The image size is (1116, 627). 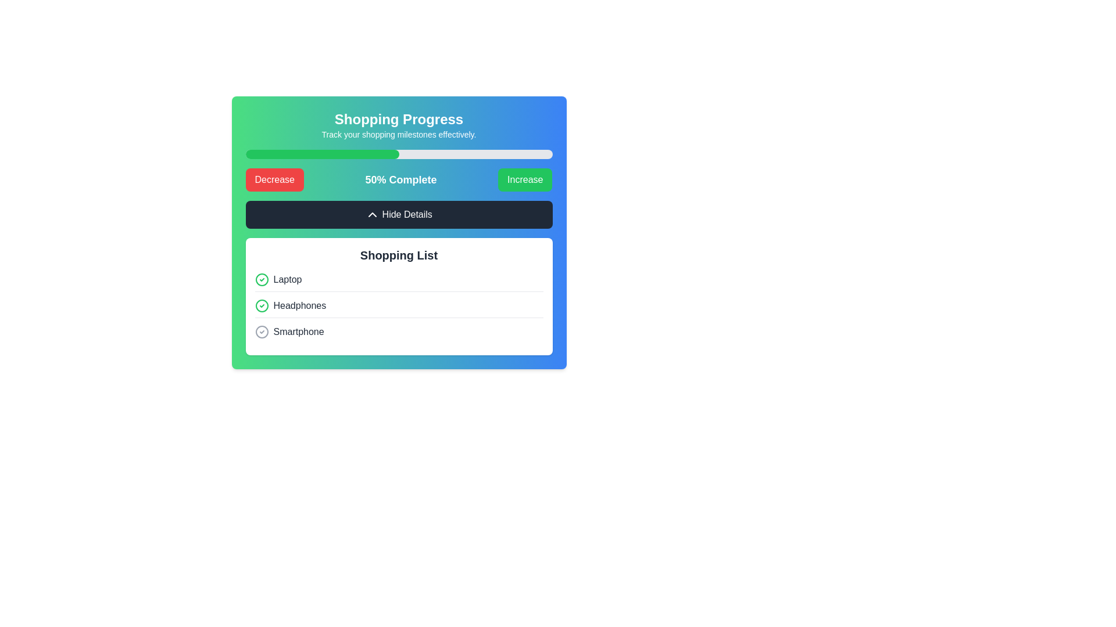 I want to click on the small circular green icon with a checkmark that indicates a completed task, located to the immediate left of the 'Laptop' label in the 'Shopping List' section, so click(x=261, y=280).